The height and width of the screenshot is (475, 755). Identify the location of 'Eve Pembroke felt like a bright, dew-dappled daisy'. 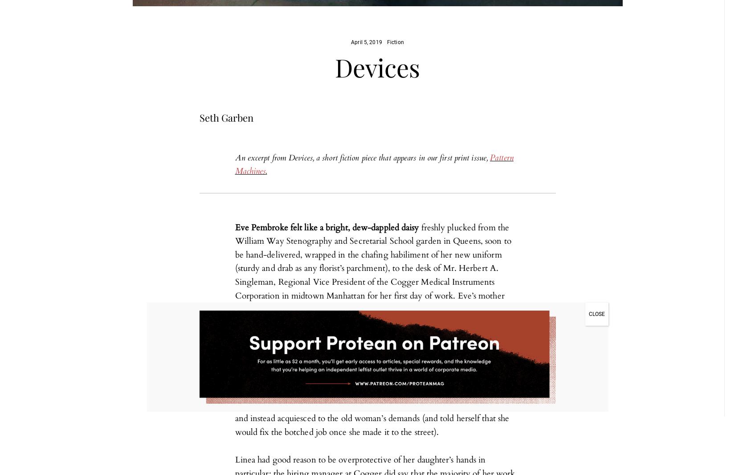
(326, 227).